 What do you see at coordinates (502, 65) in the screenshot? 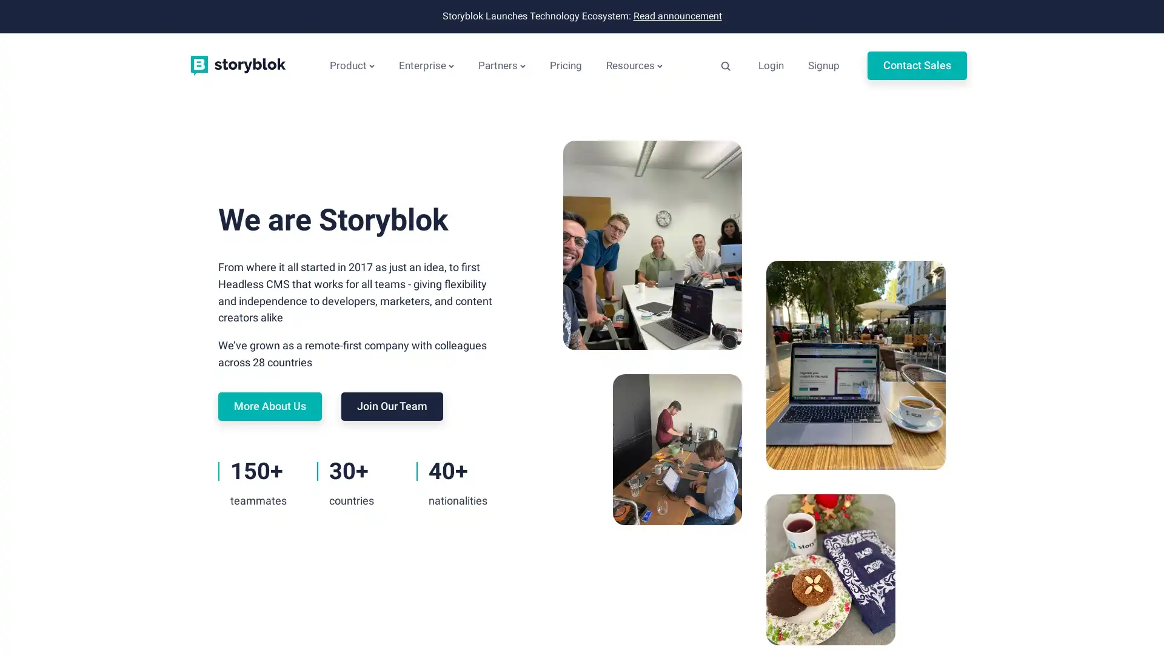
I see `Partners` at bounding box center [502, 65].